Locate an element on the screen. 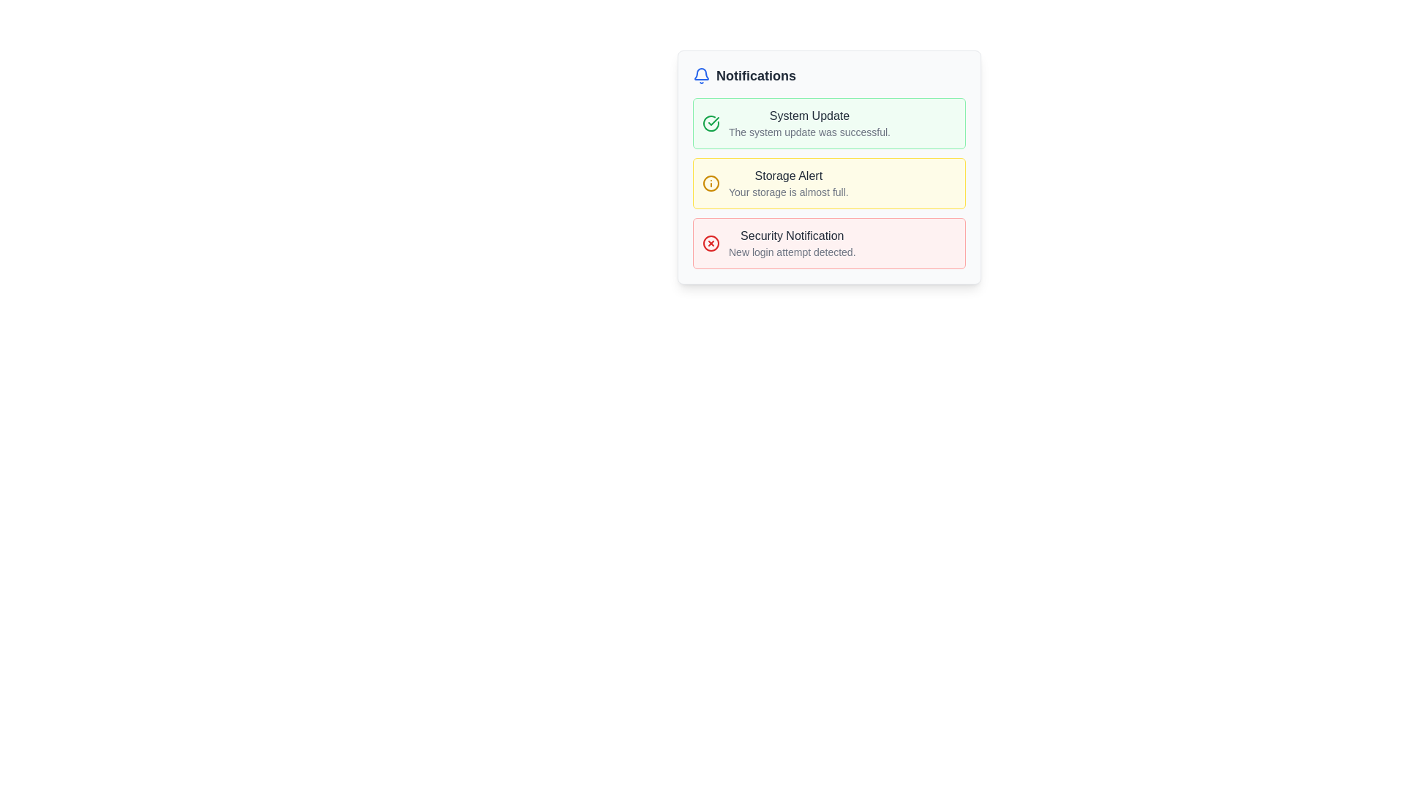 Image resolution: width=1405 pixels, height=790 pixels. the second notification item in the notification panel, which has a yellow background and contains the text 'Storage Alert' and 'Your storage is almost full.' is located at coordinates (829, 182).